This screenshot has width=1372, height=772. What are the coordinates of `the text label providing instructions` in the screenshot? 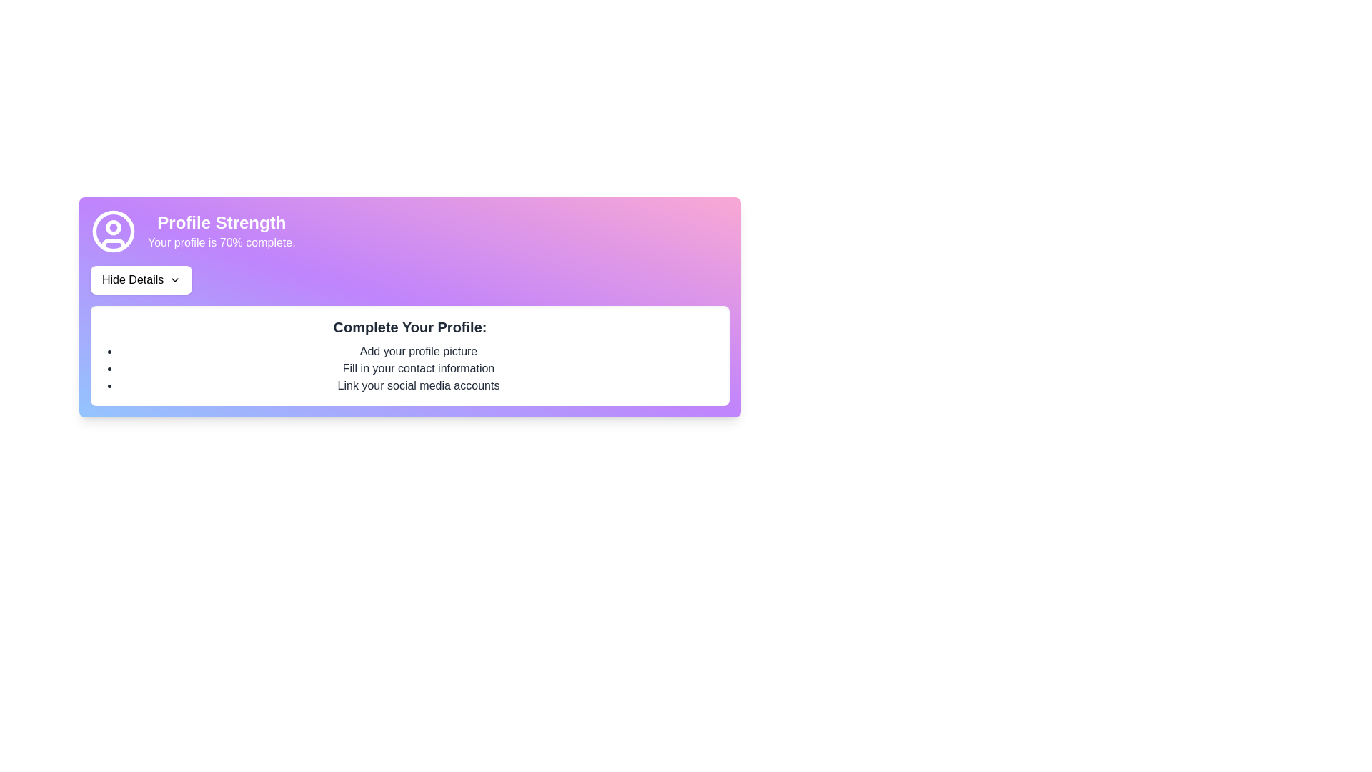 It's located at (417, 352).